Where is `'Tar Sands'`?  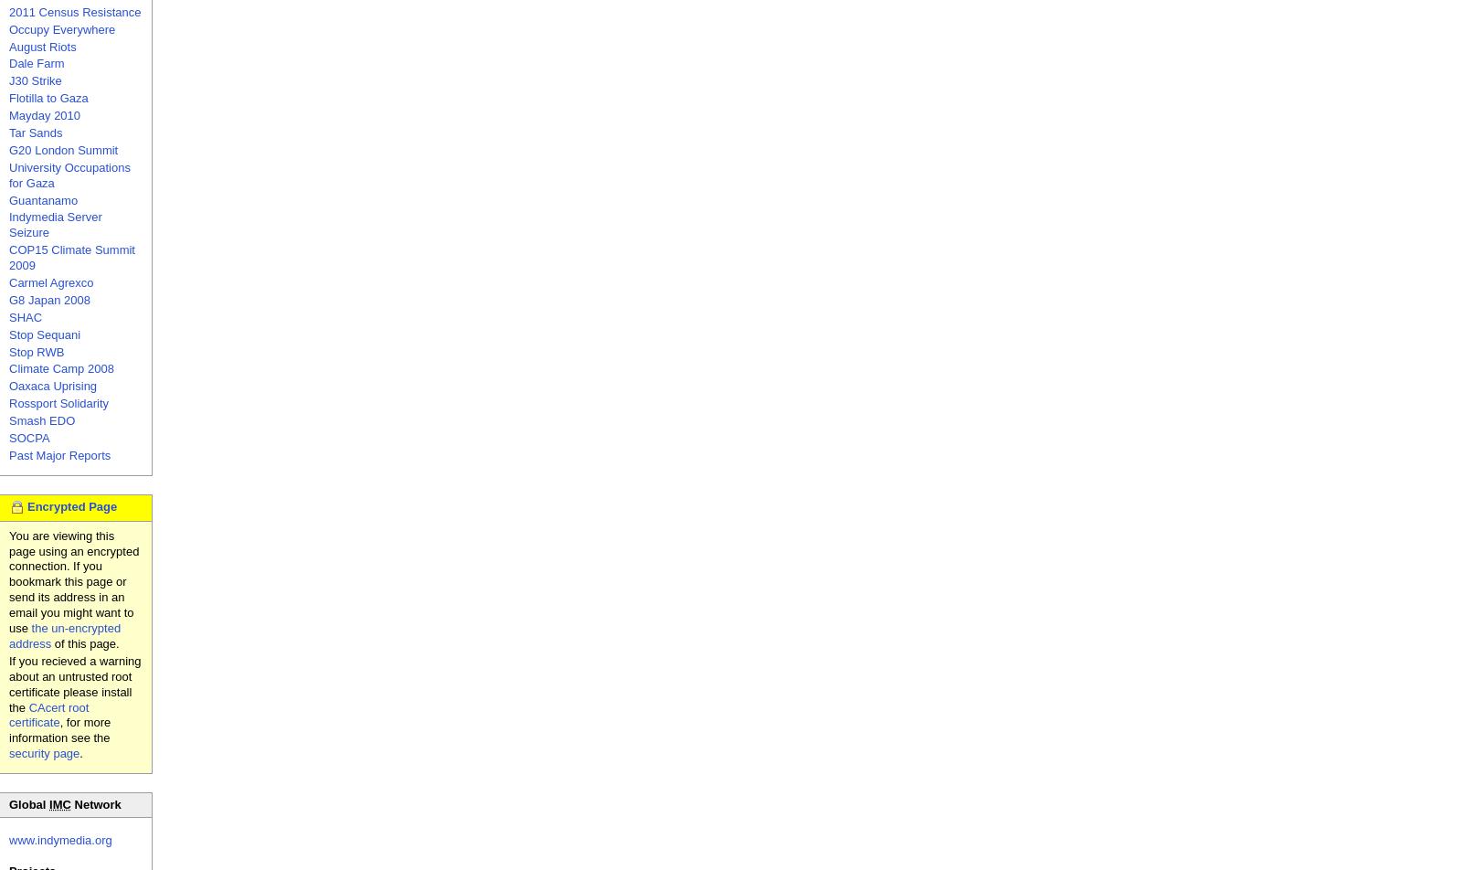
'Tar Sands' is located at coordinates (8, 133).